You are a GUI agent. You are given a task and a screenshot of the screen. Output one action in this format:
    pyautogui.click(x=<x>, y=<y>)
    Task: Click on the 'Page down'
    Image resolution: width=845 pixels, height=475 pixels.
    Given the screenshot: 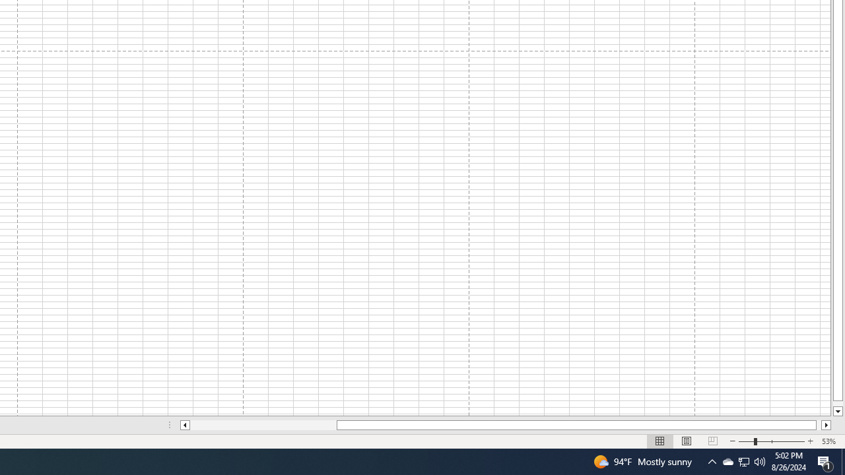 What is the action you would take?
    pyautogui.click(x=837, y=403)
    